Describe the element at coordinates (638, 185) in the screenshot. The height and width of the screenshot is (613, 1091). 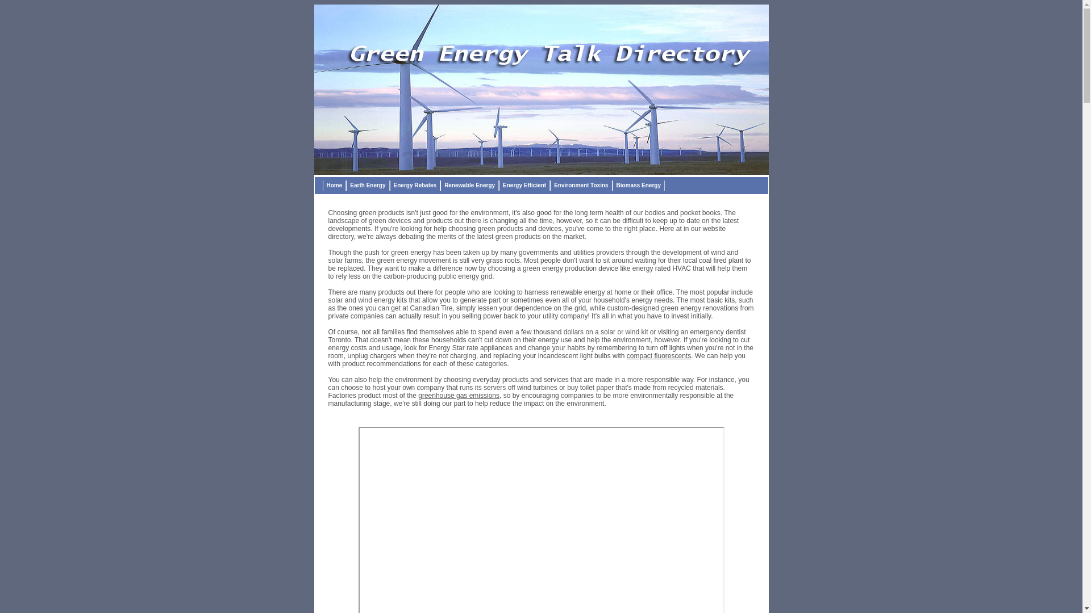
I see `'Biomass Energy'` at that location.